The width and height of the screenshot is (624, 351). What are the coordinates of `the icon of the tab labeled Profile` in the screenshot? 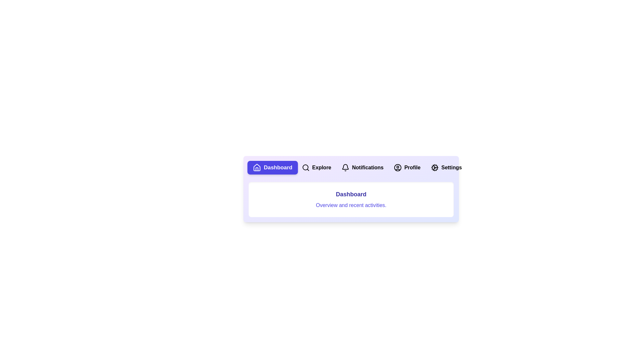 It's located at (397, 167).